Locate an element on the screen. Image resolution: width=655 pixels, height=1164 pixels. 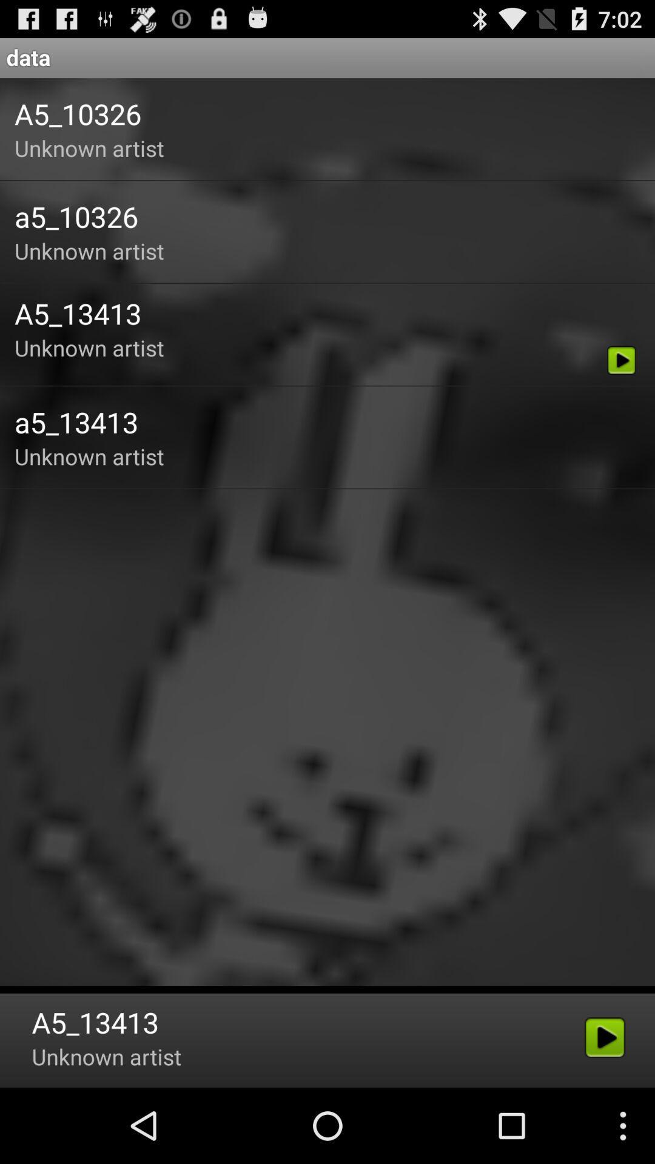
the smaller green play icon is located at coordinates (622, 360).